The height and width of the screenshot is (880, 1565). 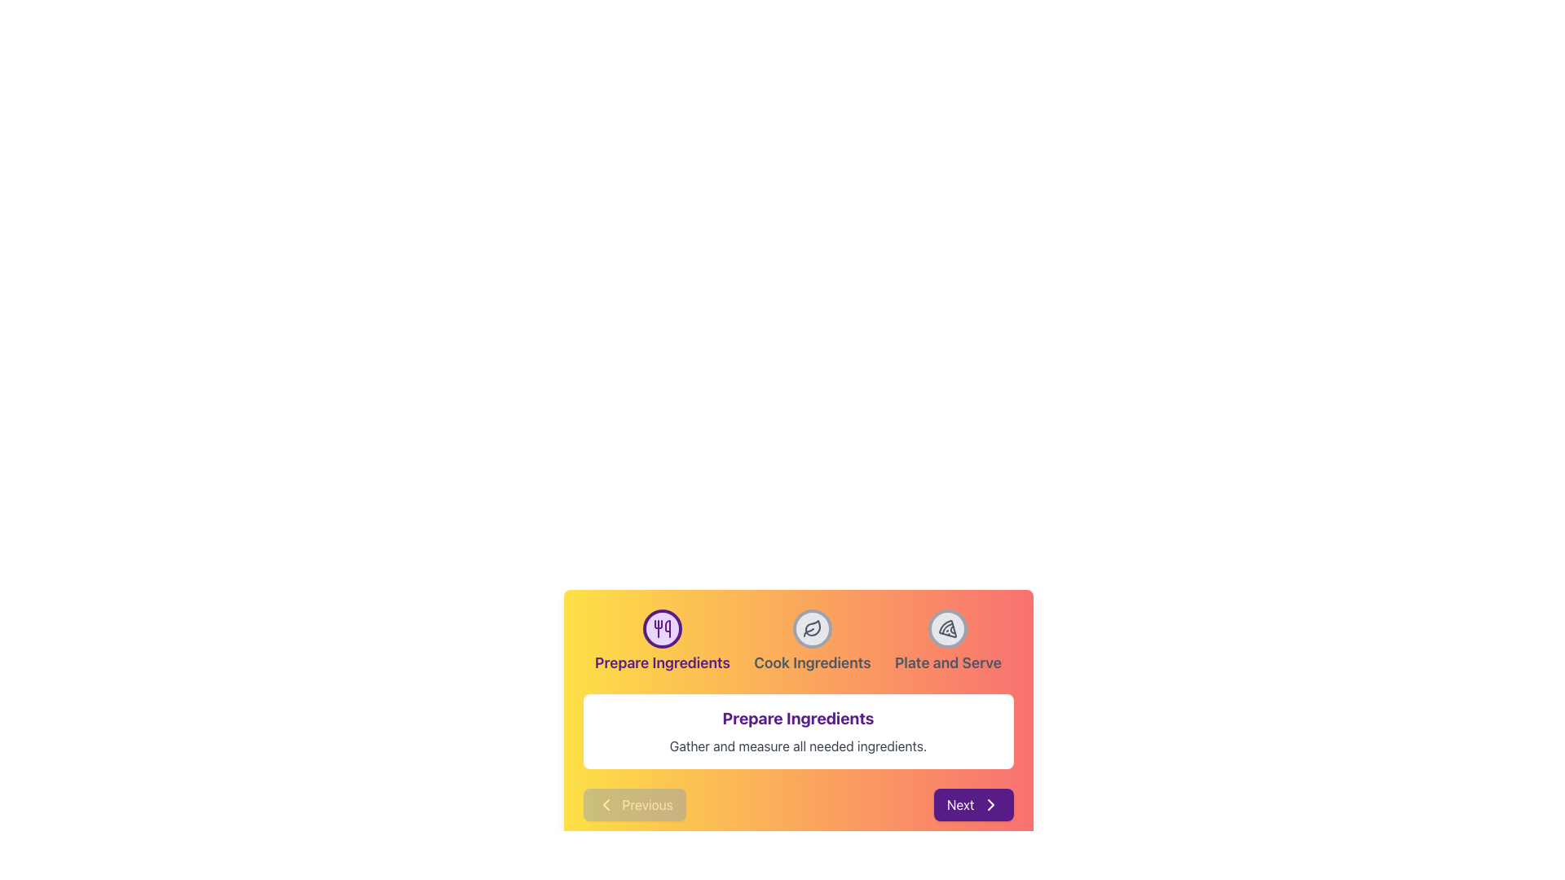 I want to click on the 'Plate and Serve' label and icon, which is positioned as the third step in a horizontal sequence, located to the right of 'Cook Ingredients', so click(x=948, y=640).